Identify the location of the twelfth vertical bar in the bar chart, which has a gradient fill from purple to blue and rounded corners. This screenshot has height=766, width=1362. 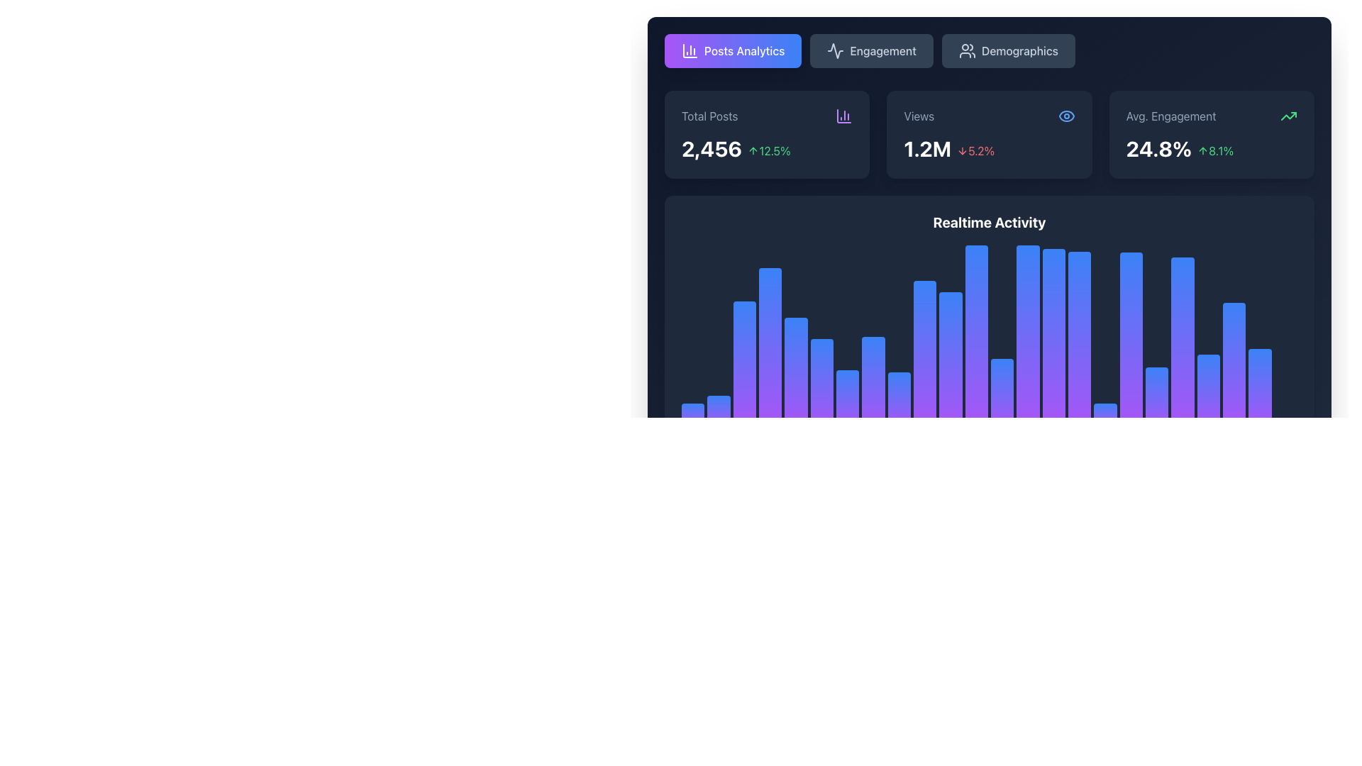
(975, 362).